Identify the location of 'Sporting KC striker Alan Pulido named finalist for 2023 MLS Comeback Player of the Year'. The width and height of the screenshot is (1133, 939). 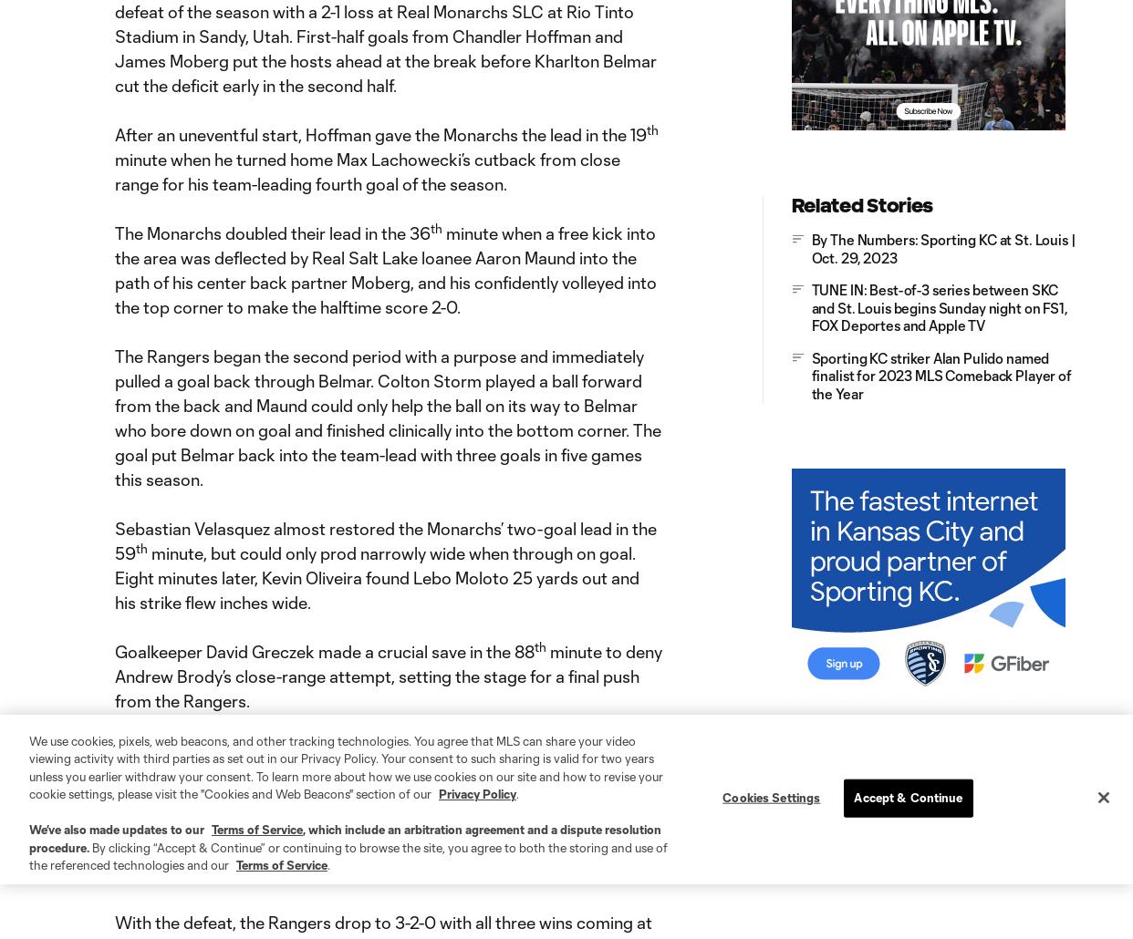
(940, 375).